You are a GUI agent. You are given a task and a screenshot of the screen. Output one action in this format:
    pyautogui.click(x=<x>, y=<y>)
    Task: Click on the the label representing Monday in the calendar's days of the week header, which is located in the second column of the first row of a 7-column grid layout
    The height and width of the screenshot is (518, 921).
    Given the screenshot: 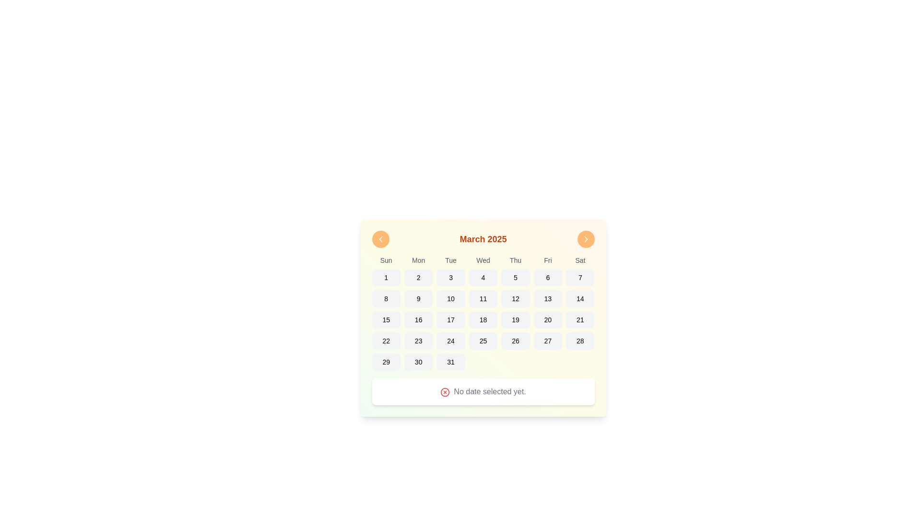 What is the action you would take?
    pyautogui.click(x=418, y=260)
    